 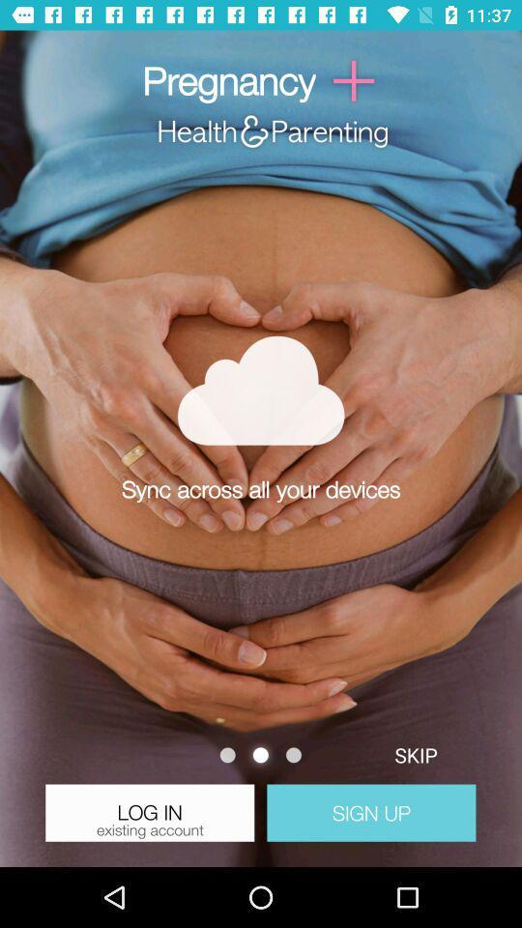 I want to click on the item above the sign up icon, so click(x=415, y=755).